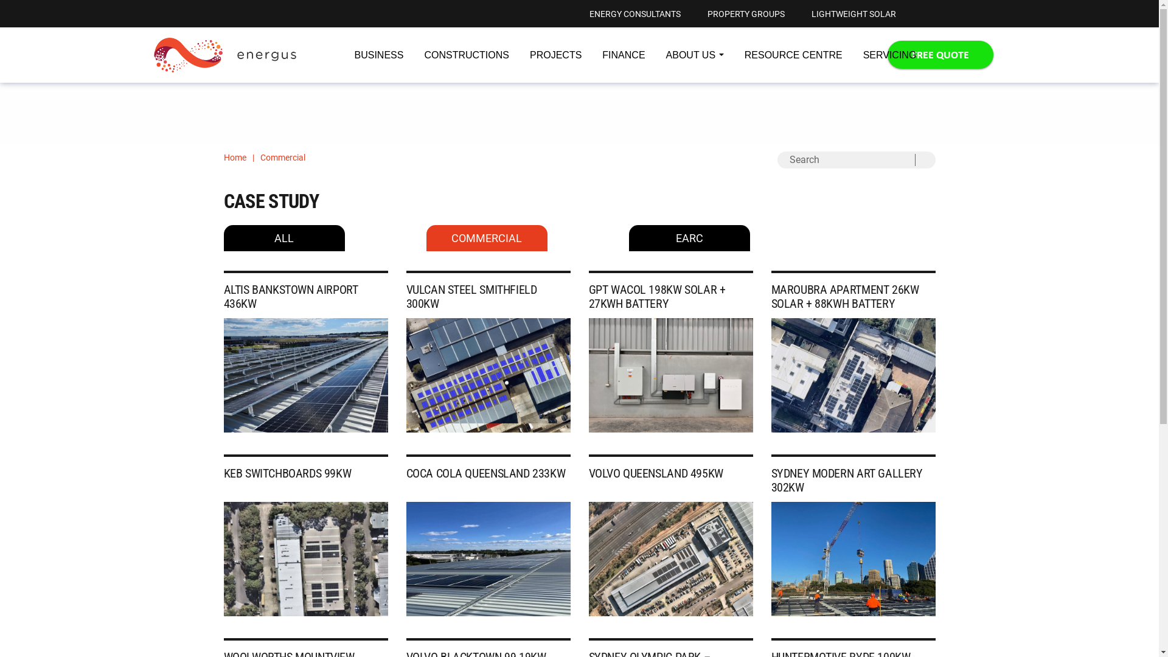 The width and height of the screenshot is (1168, 657). I want to click on 'VOLVO QUEENSLAND 495KW', so click(655, 473).